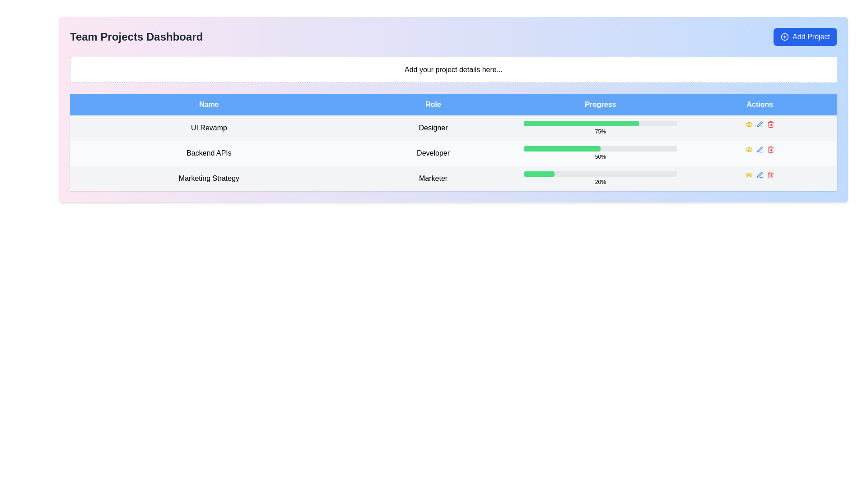 The height and width of the screenshot is (487, 867). I want to click on value displayed in the text label showing '75%' located beneath the green progress bar in the 'Progress' column of the 'Designer' row, so click(600, 132).